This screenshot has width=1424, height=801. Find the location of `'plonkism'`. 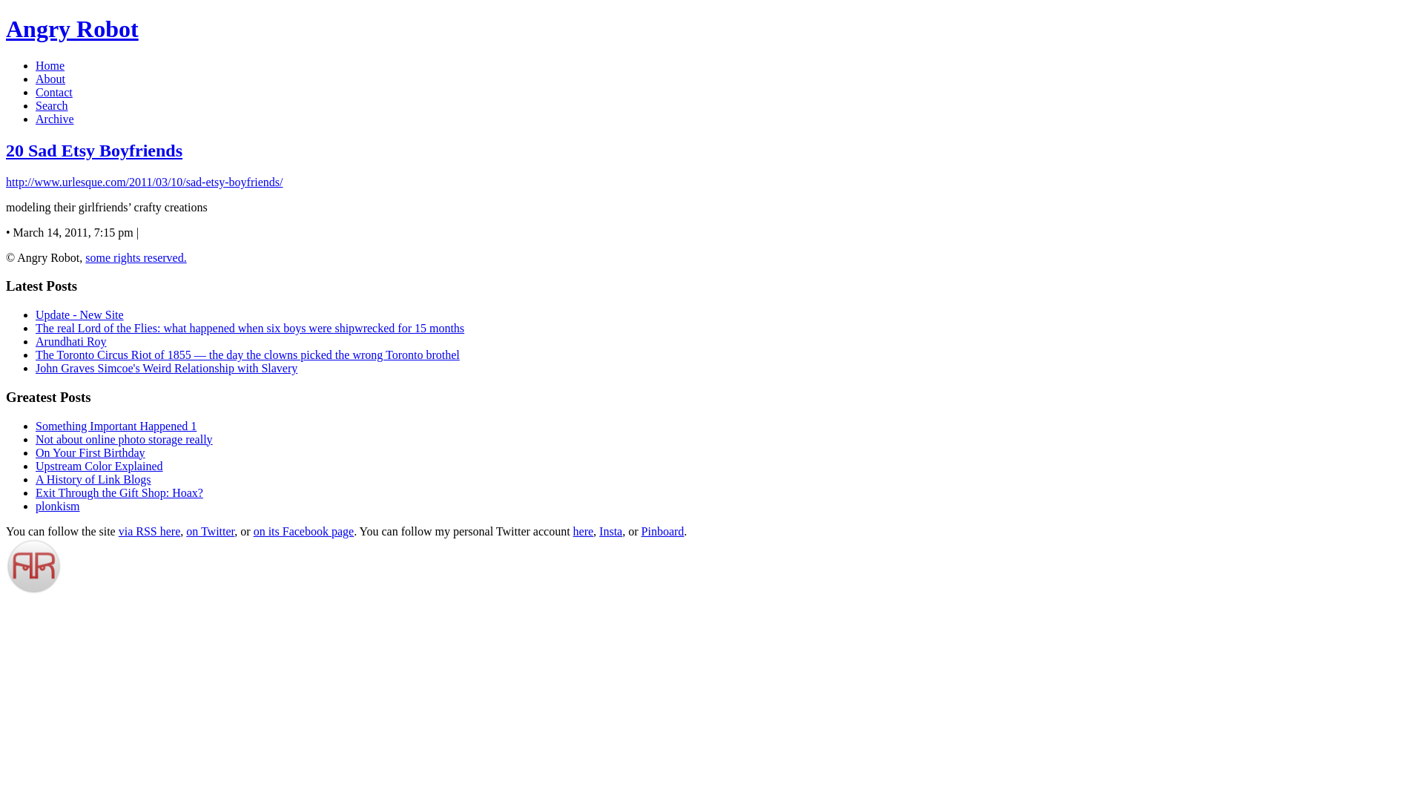

'plonkism' is located at coordinates (57, 505).